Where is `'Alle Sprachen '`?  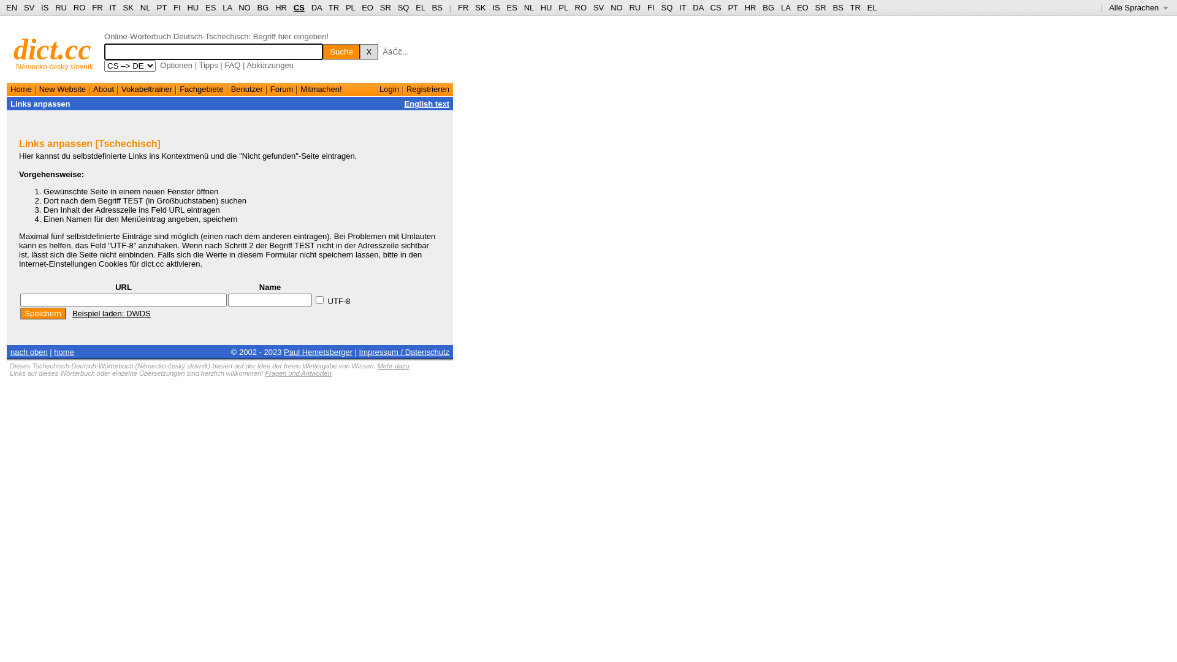
'Alle Sprachen ' is located at coordinates (1109, 7).